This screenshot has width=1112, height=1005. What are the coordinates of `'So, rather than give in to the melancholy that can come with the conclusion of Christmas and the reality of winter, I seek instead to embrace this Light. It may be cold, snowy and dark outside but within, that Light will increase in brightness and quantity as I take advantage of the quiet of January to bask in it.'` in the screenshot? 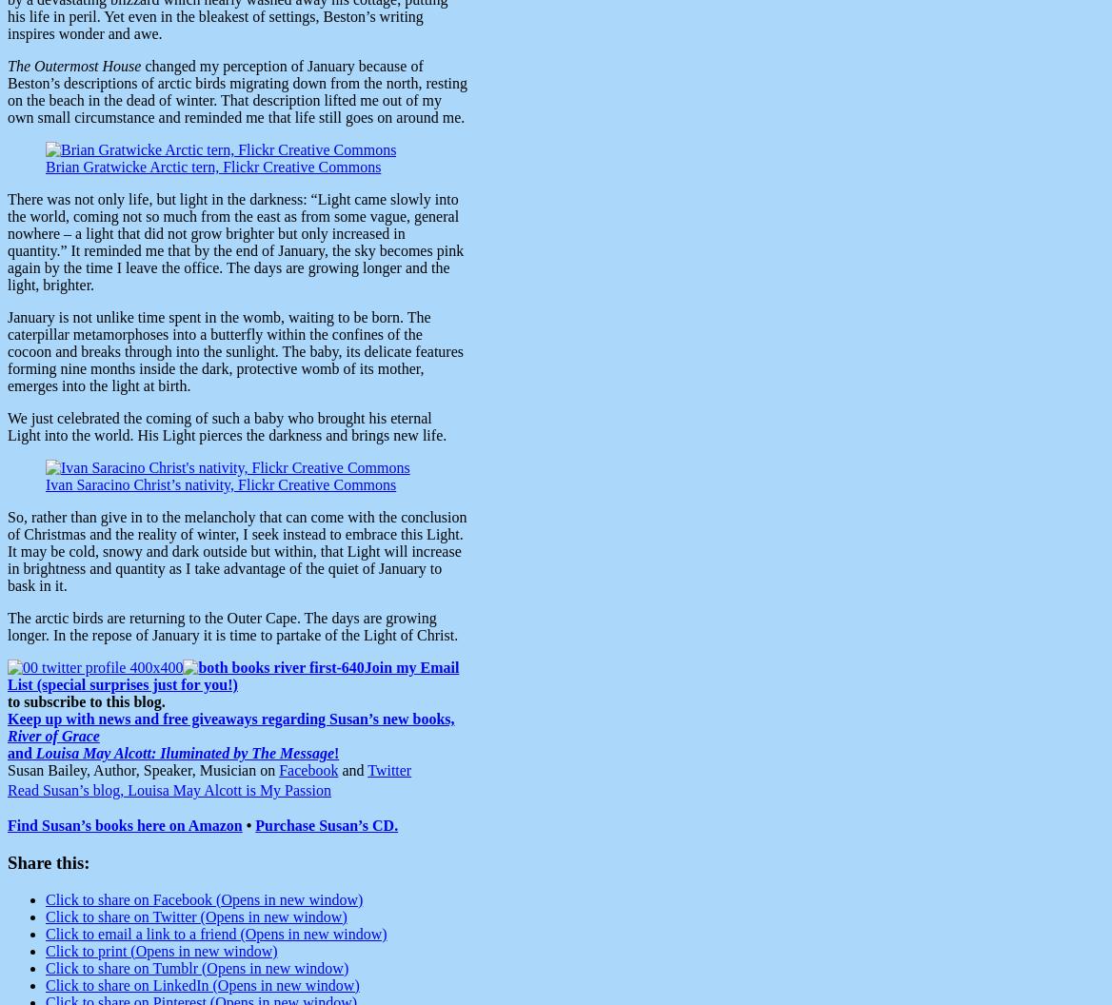 It's located at (236, 551).